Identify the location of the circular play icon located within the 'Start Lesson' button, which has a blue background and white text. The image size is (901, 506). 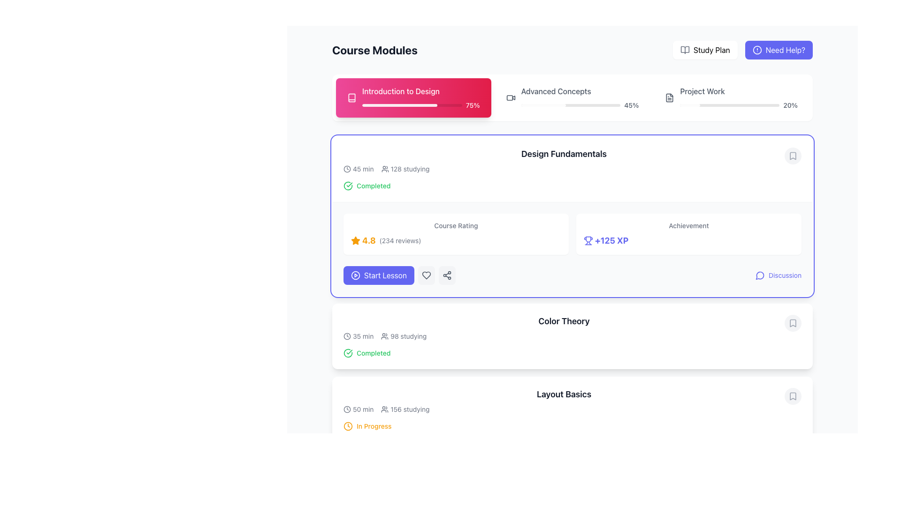
(355, 275).